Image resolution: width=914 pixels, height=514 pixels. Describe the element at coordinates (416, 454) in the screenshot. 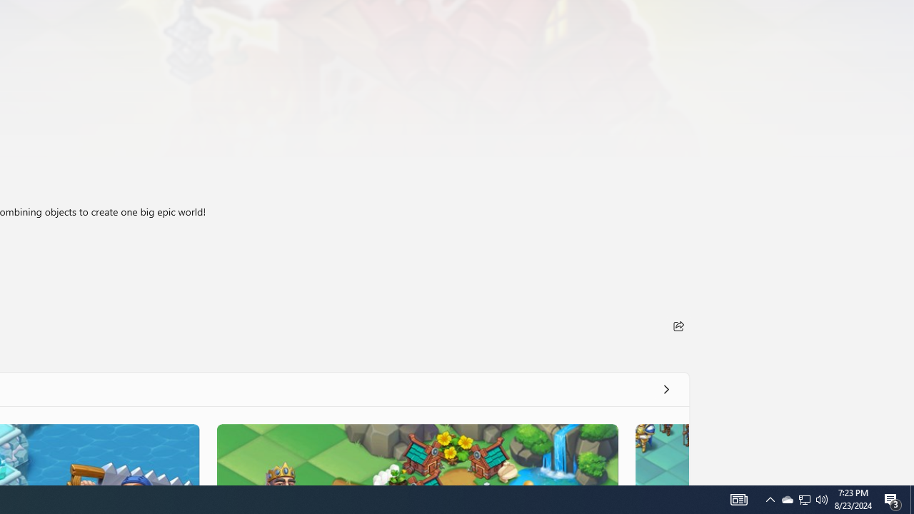

I see `'Screenshot 3'` at that location.